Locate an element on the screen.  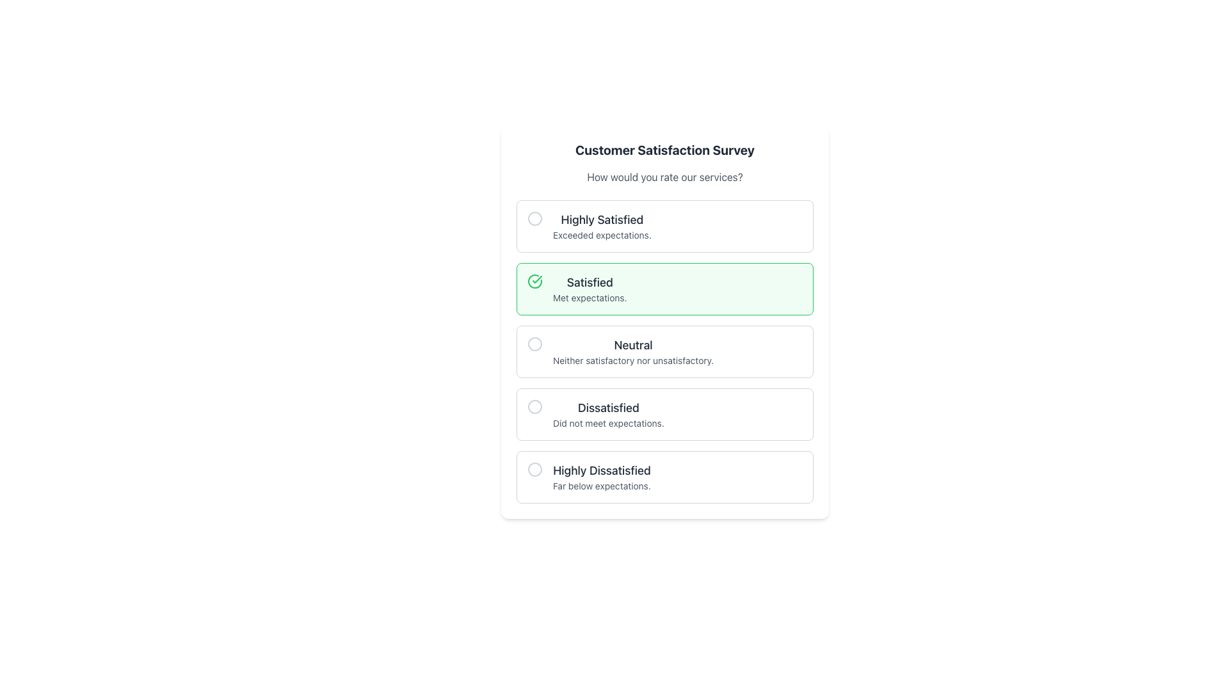
the circle representing the 'Highly Dissatisfied' option in the survey is located at coordinates (534, 469).